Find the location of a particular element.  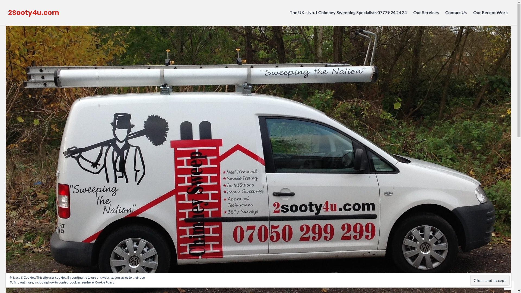

'Close and accept' is located at coordinates (490, 280).